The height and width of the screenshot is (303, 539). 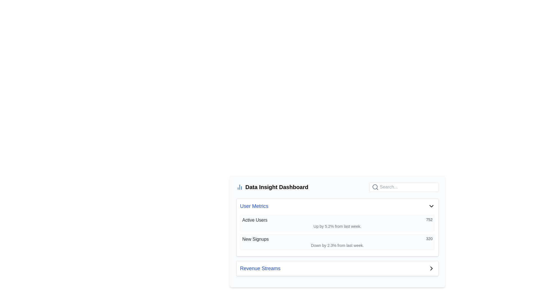 I want to click on the data displayed in the Statistical Display showing the number of active users, located centrally above the label 'Up by 5.2% from last week.' and below 'New Signups', so click(x=337, y=220).